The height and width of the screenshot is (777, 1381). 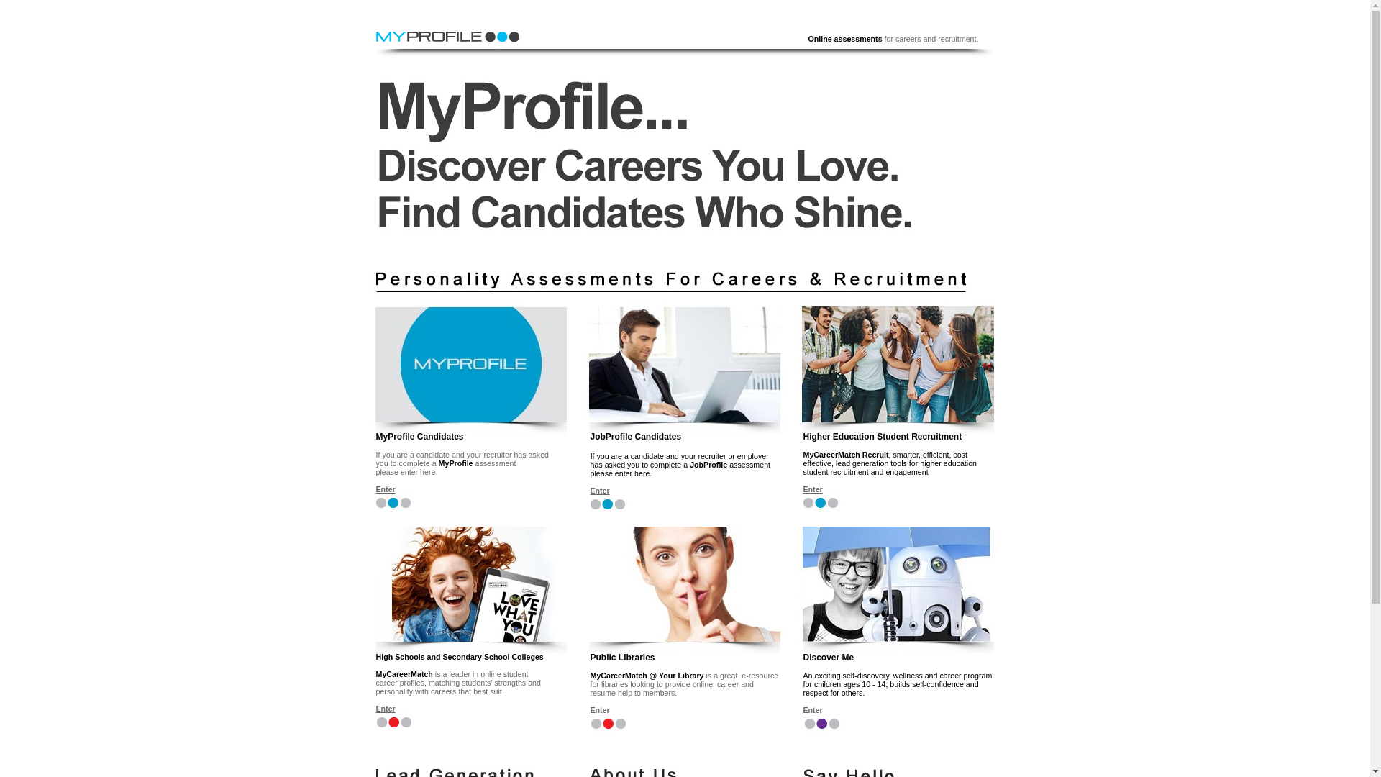 I want to click on 'Enter', so click(x=385, y=707).